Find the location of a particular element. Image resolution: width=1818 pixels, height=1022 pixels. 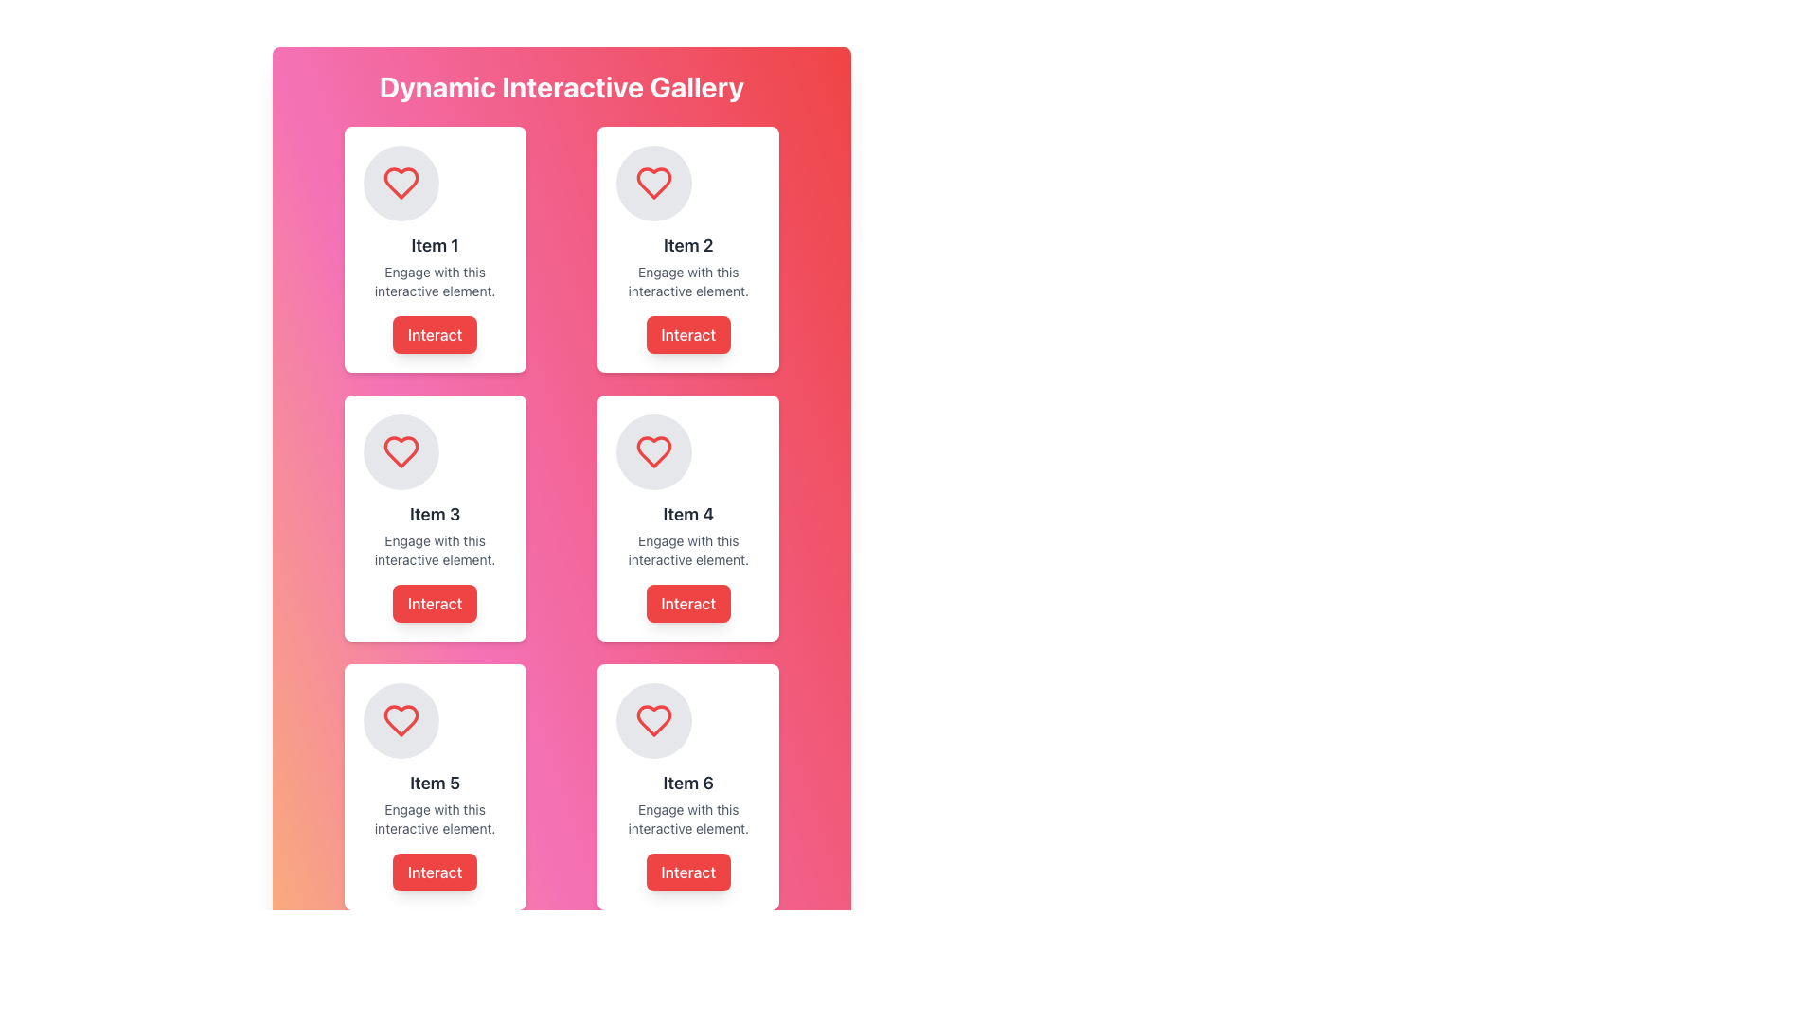

the circular icon with a gray background and a red heart shape inside, located in the top section of the card labeled 'Item 5' is located at coordinates (400, 721).